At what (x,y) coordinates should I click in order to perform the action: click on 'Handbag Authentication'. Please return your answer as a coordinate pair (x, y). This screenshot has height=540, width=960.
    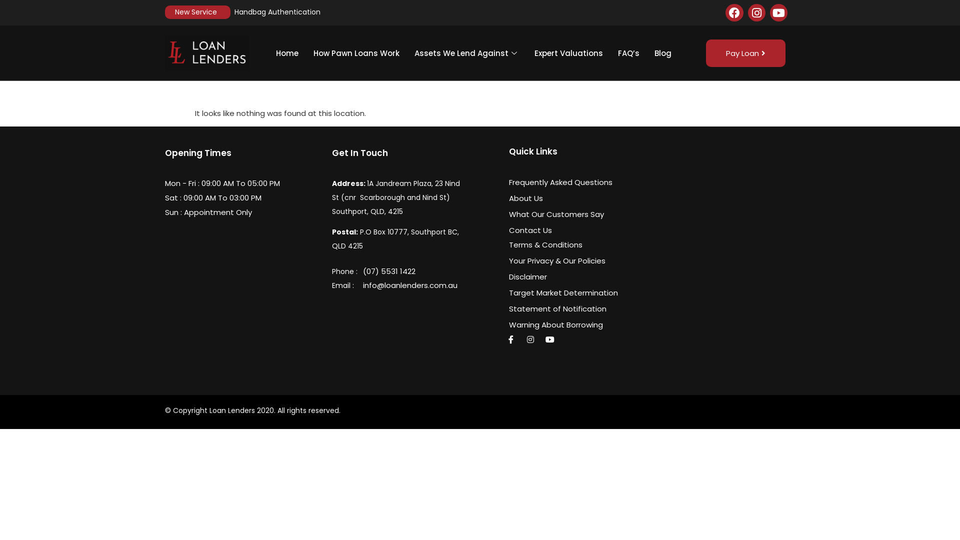
    Looking at the image, I should click on (234, 11).